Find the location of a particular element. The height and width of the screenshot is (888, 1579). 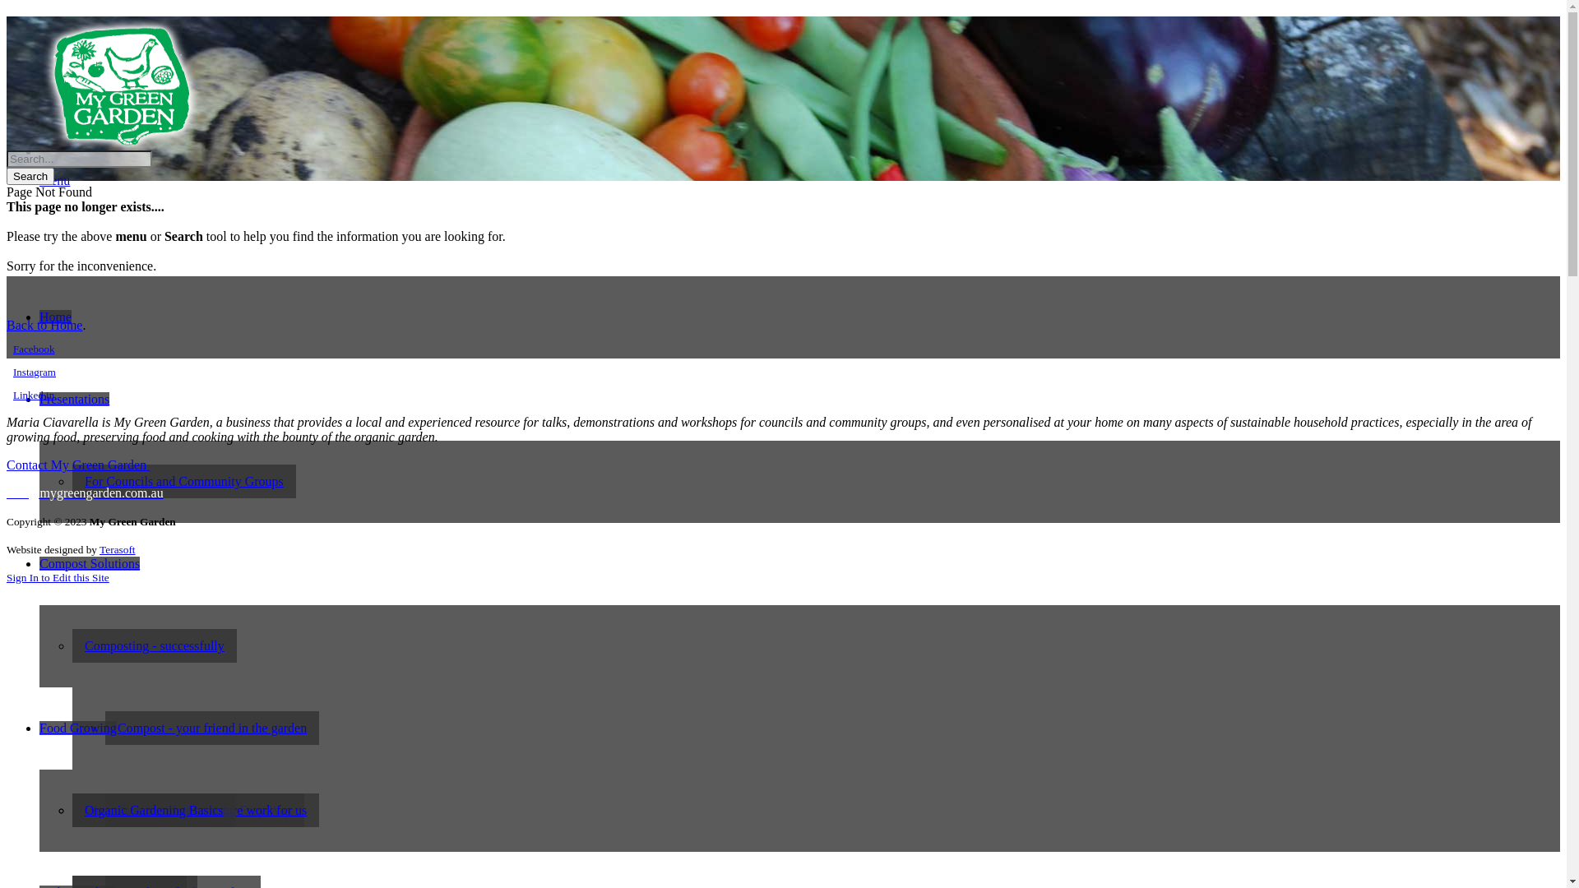

'Food Growing' is located at coordinates (77, 727).